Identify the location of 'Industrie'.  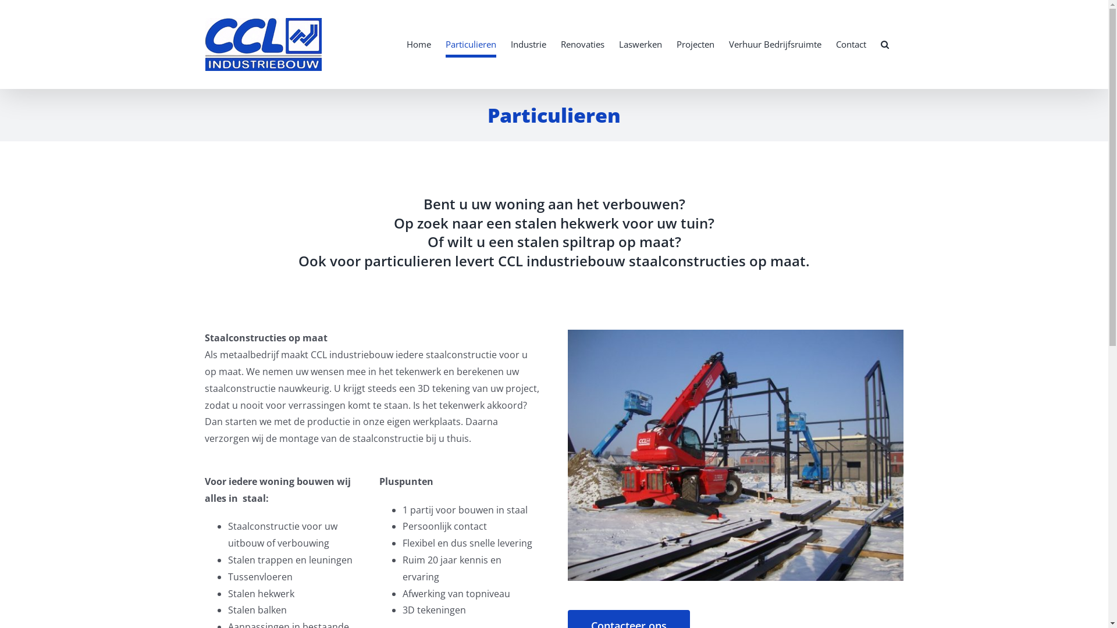
(511, 44).